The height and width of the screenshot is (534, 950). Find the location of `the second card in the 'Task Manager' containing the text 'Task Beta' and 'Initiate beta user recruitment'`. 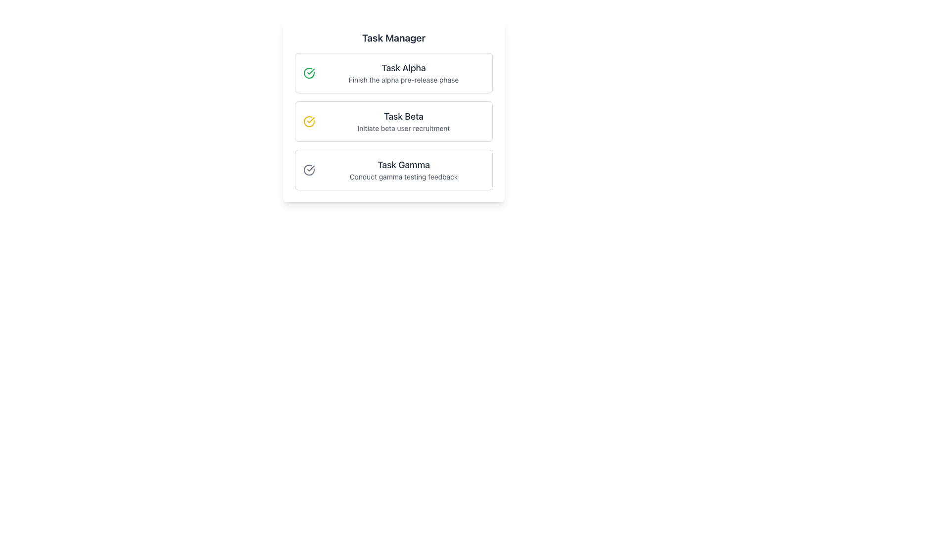

the second card in the 'Task Manager' containing the text 'Task Beta' and 'Initiate beta user recruitment' is located at coordinates (393, 121).